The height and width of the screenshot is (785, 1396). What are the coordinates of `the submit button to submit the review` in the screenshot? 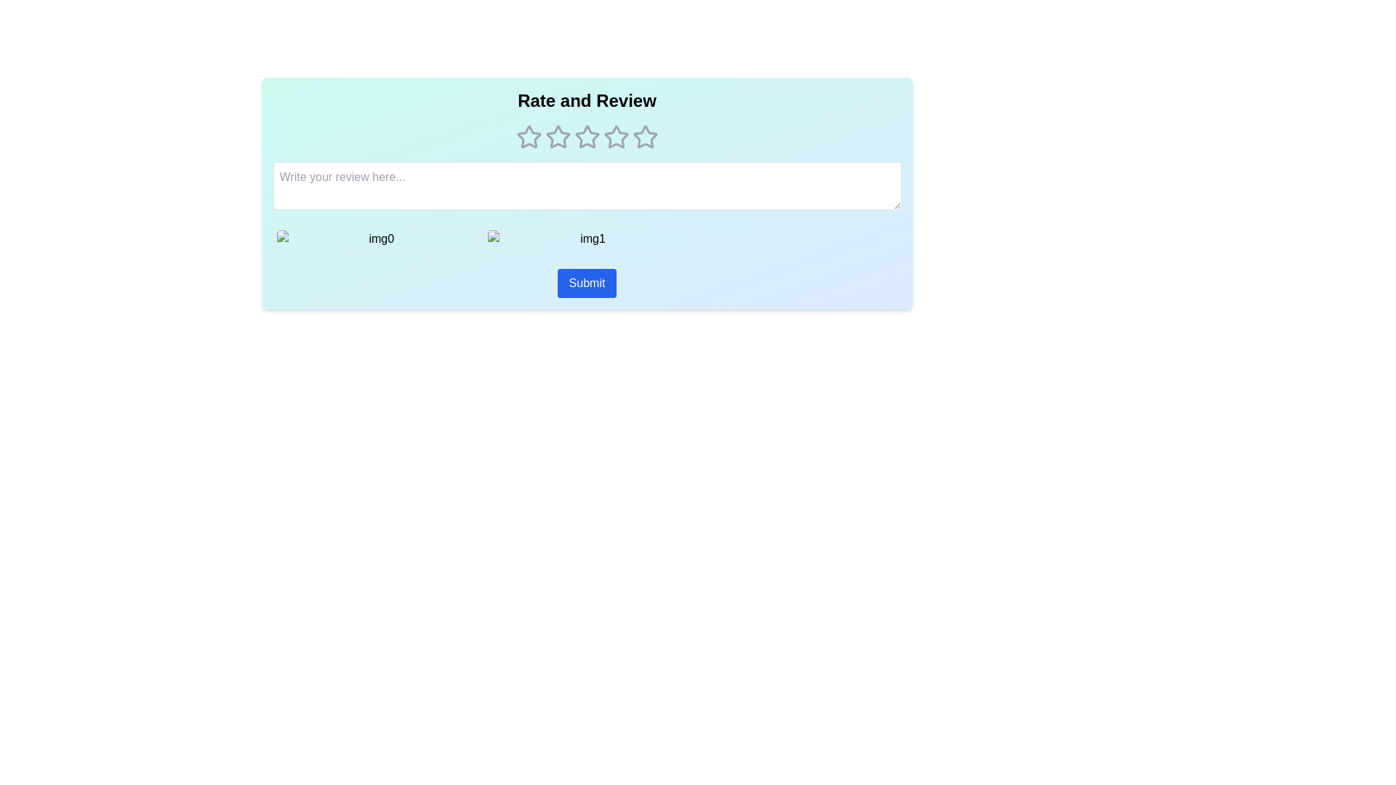 It's located at (587, 283).